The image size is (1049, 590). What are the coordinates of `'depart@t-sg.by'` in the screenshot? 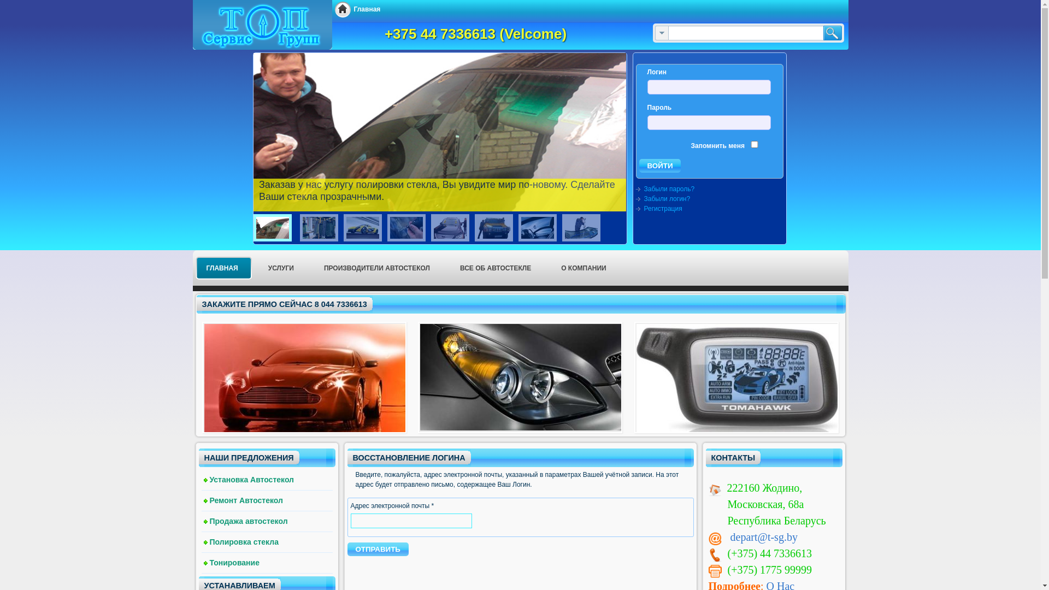 It's located at (763, 536).